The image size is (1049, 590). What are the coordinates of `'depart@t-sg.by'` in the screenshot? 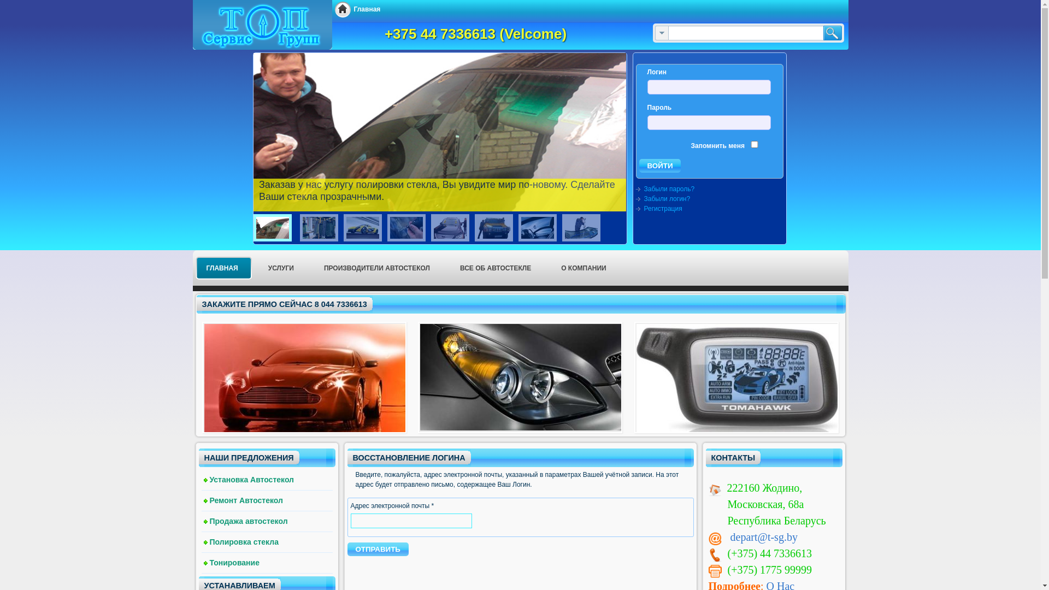 It's located at (763, 536).